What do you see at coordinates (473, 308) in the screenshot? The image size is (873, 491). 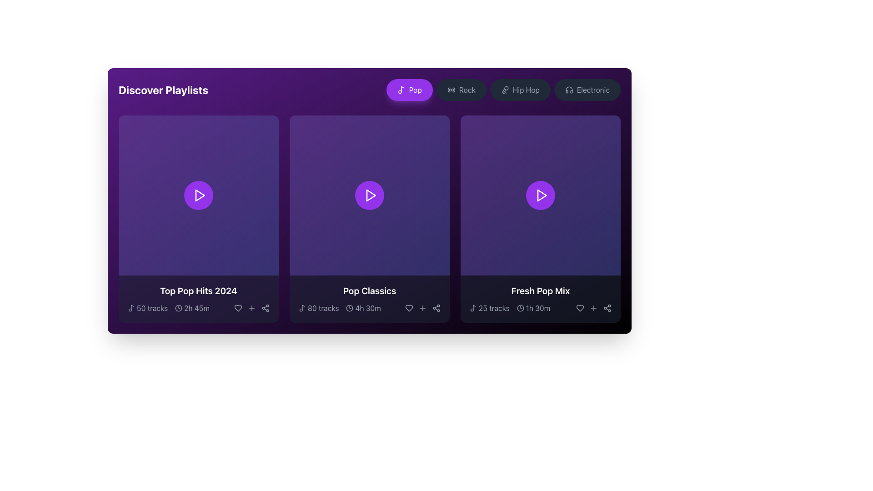 I see `musical note icon located within the 'Fresh Pop Mix' playlist card, positioned next to the '25 tracks' text` at bounding box center [473, 308].